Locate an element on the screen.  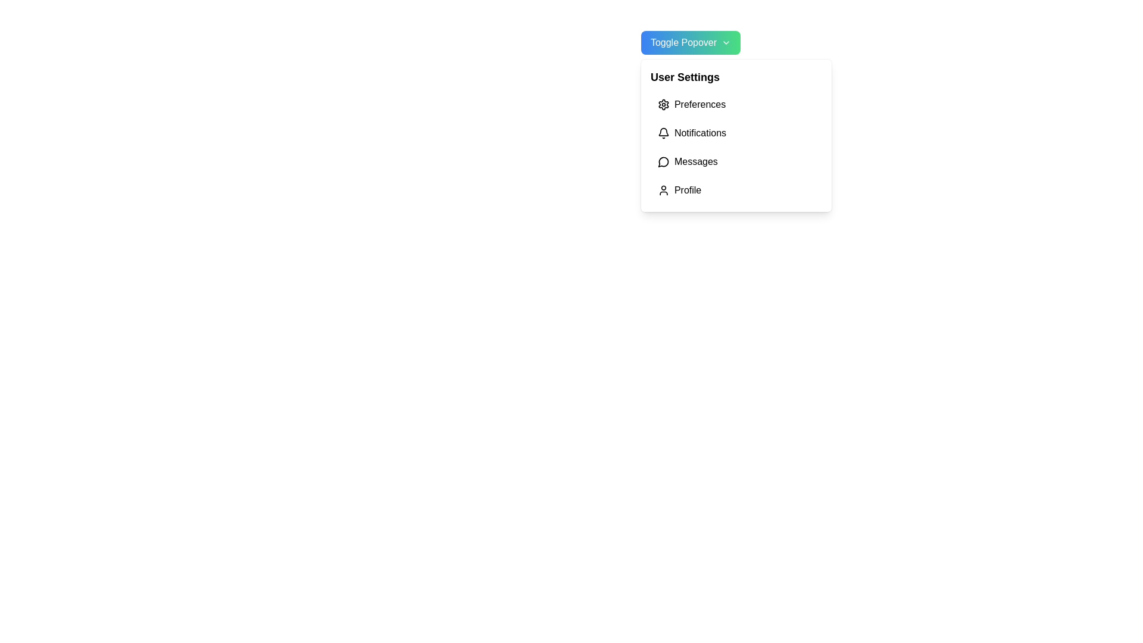
the settings icon, which resembles a cogwheel, located to the left of the 'Preferences' text in the 'User Settings' dropdown menu is located at coordinates (663, 104).